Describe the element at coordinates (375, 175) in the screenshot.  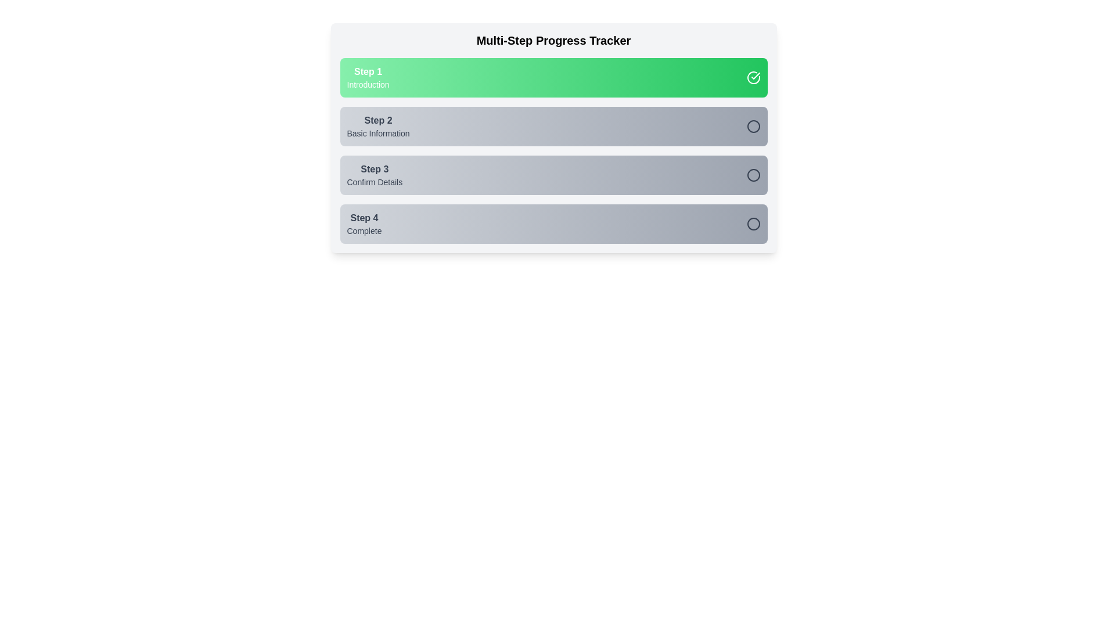
I see `the text label element that reads 'Step 3' with a smaller line below saying 'Confirm Details', which is part of a progress tracker interface` at that location.